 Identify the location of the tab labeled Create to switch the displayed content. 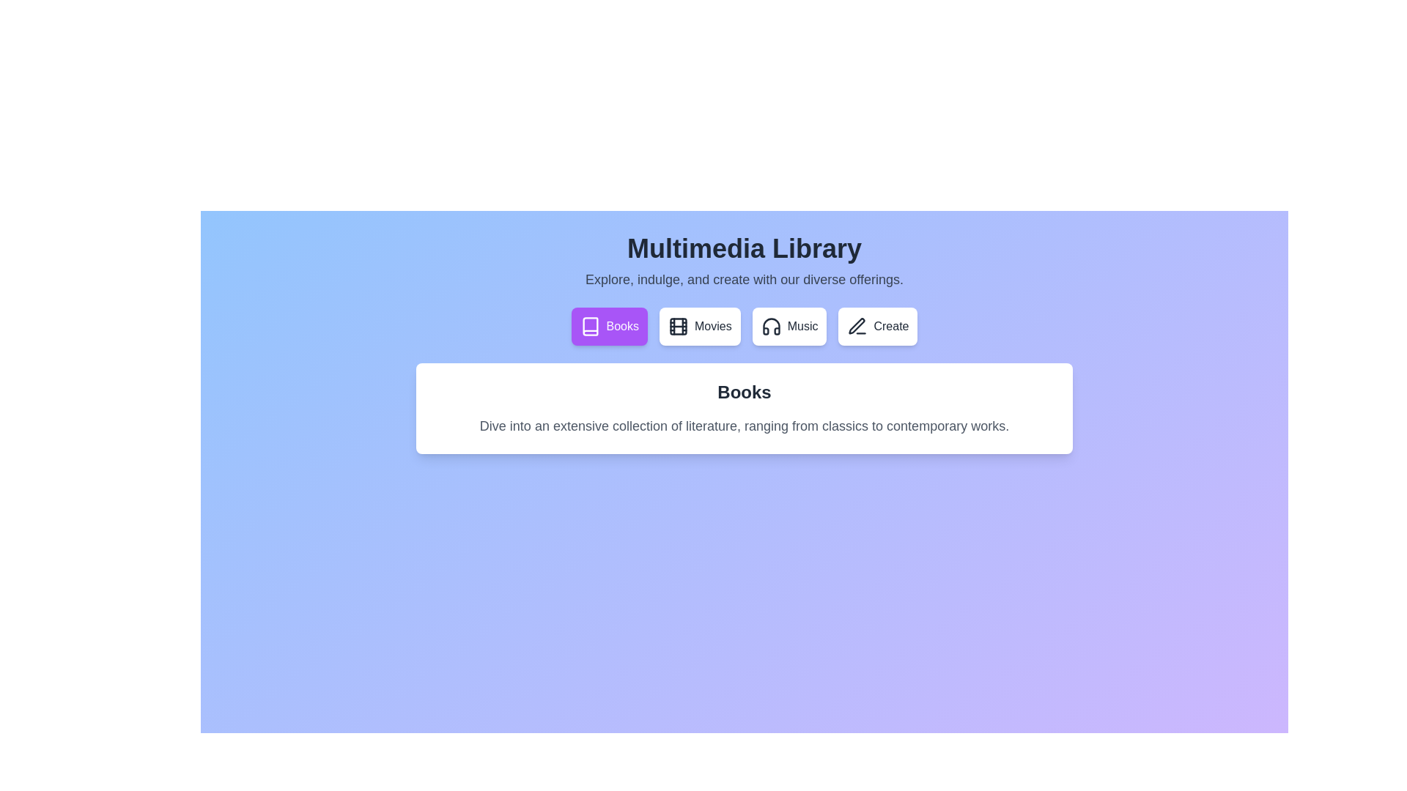
(878, 326).